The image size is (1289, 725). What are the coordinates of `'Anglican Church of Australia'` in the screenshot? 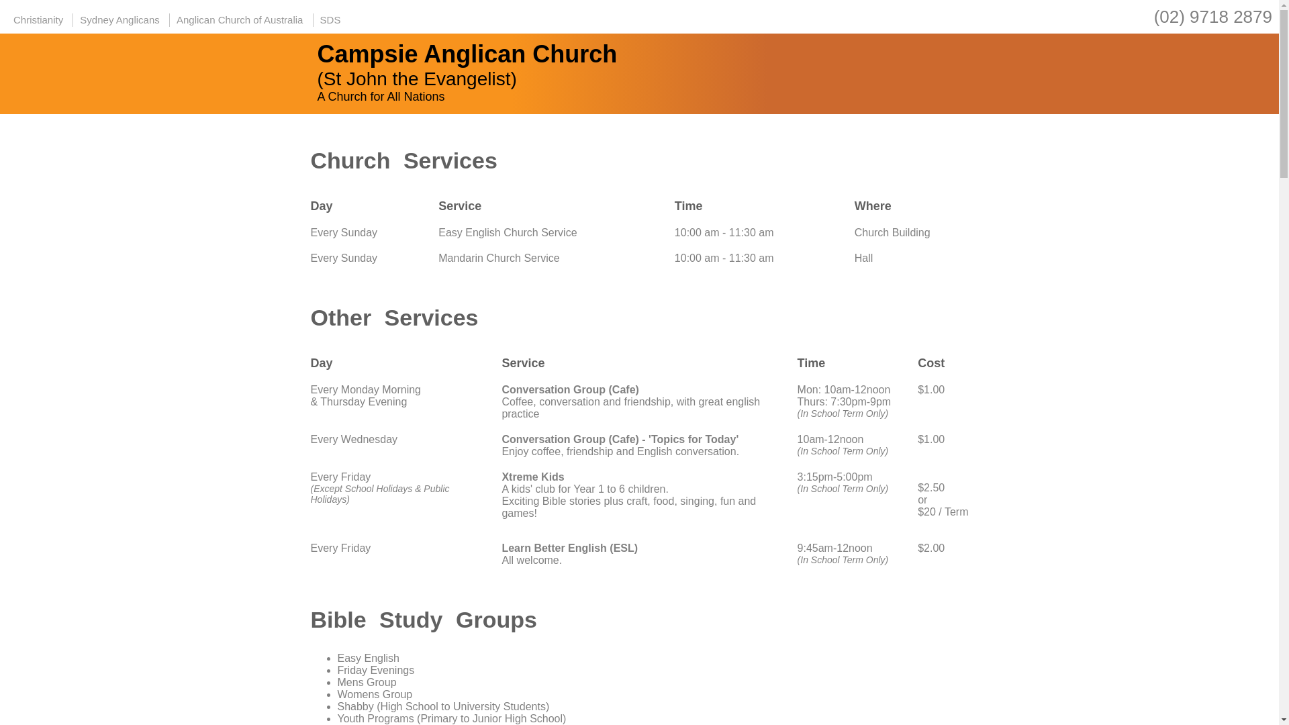 It's located at (239, 19).